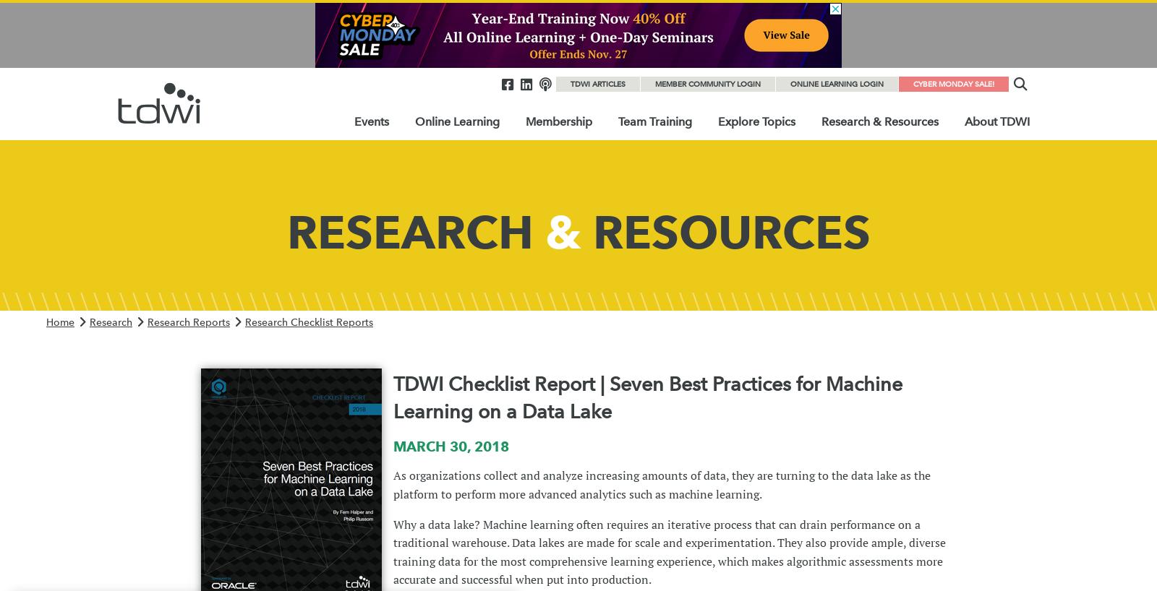 Image resolution: width=1157 pixels, height=591 pixels. I want to click on 'Transform 2024 Las Vegas', so click(424, 288).